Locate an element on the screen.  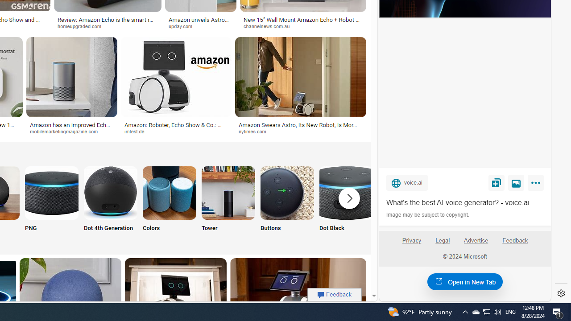
'Amazon Echo Tower' is located at coordinates (228, 192).